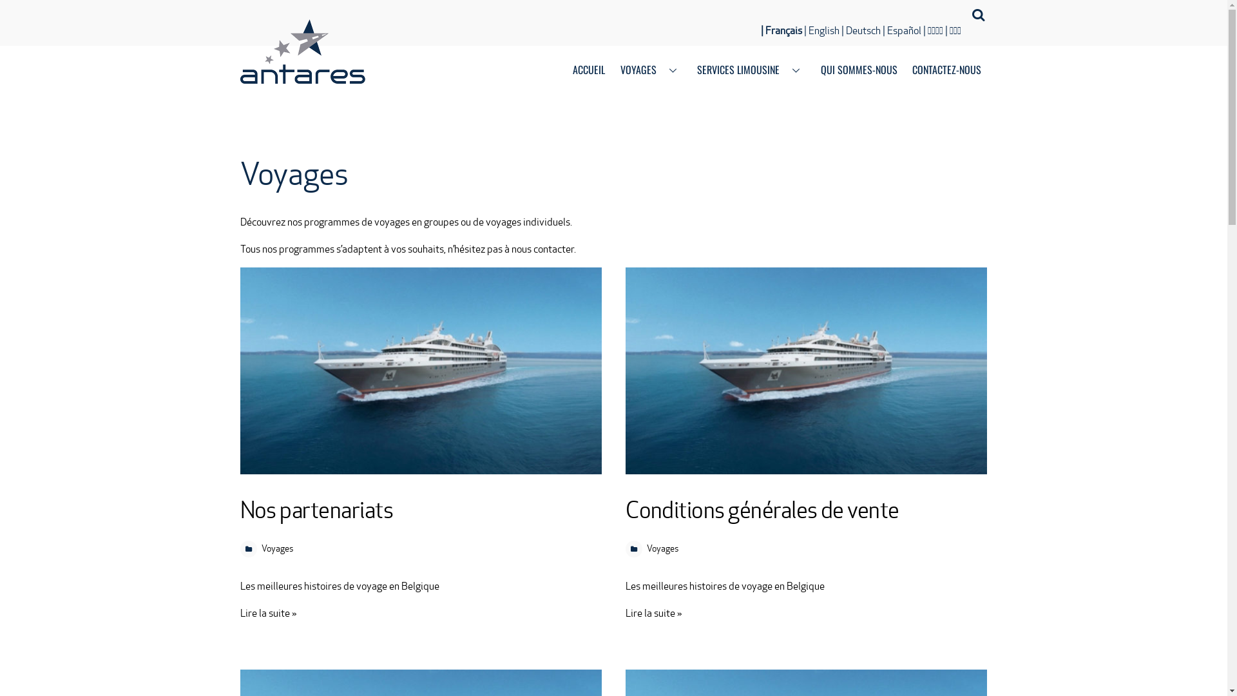 The width and height of the screenshot is (1237, 696). What do you see at coordinates (316, 509) in the screenshot?
I see `'Nos partenariats'` at bounding box center [316, 509].